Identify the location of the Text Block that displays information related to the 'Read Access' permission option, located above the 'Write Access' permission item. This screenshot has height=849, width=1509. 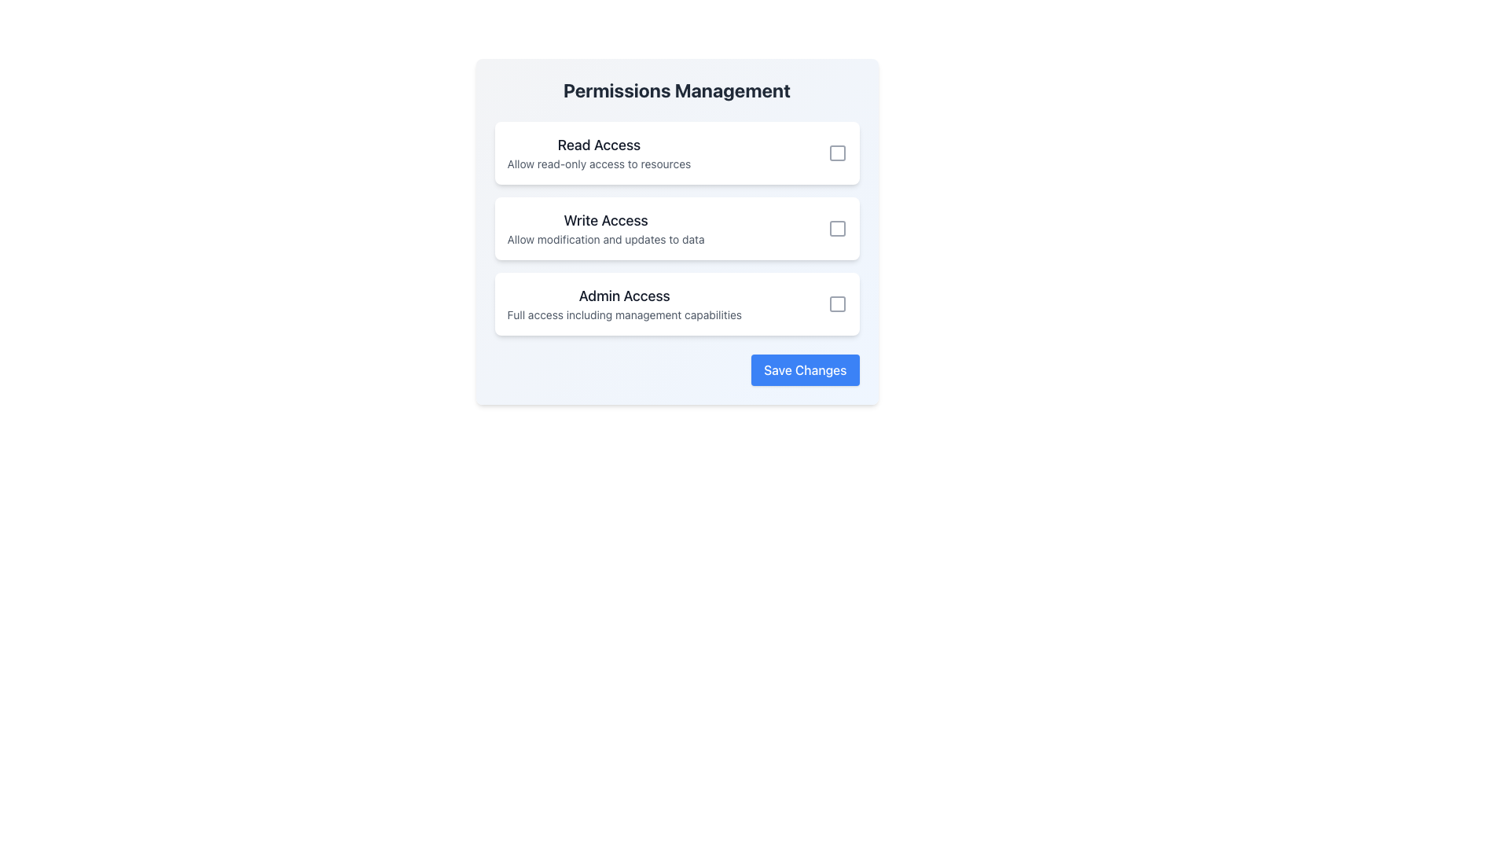
(598, 153).